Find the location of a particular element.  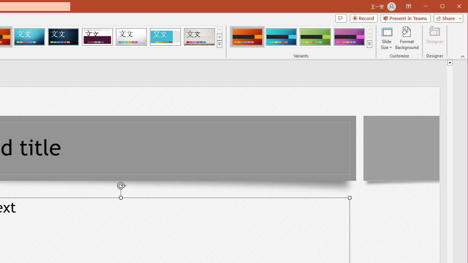

'Frame' is located at coordinates (165, 37).